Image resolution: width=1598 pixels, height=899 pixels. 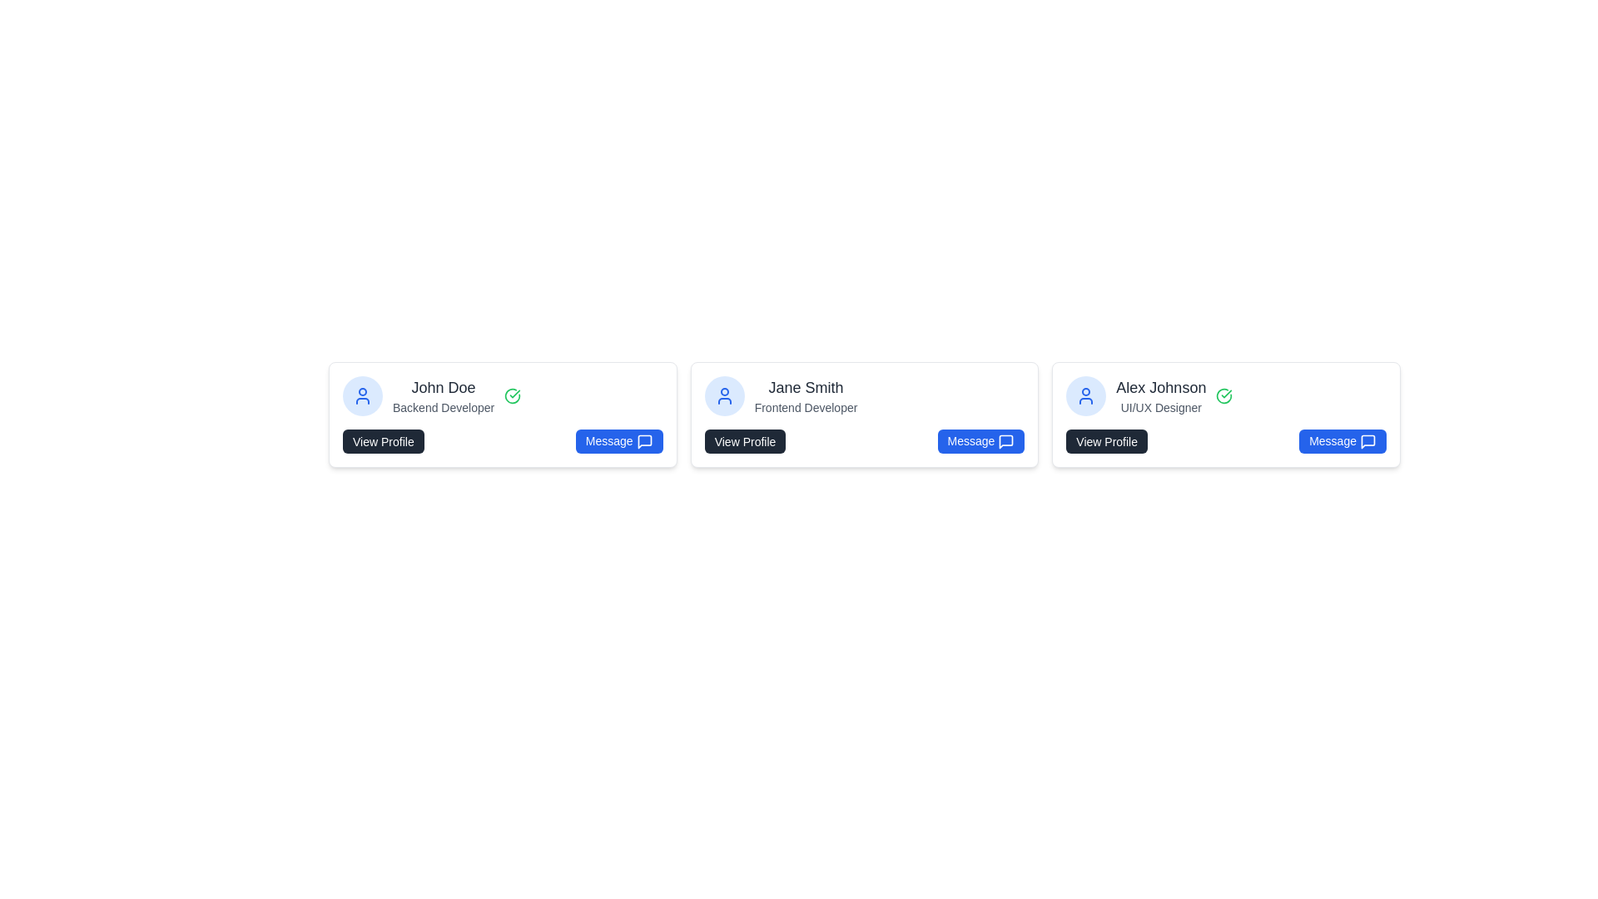 What do you see at coordinates (1160, 388) in the screenshot?
I see `text label displaying the name 'Alex Johnson', which is prominently styled in bold, large dark gray font at the top of the profile card` at bounding box center [1160, 388].